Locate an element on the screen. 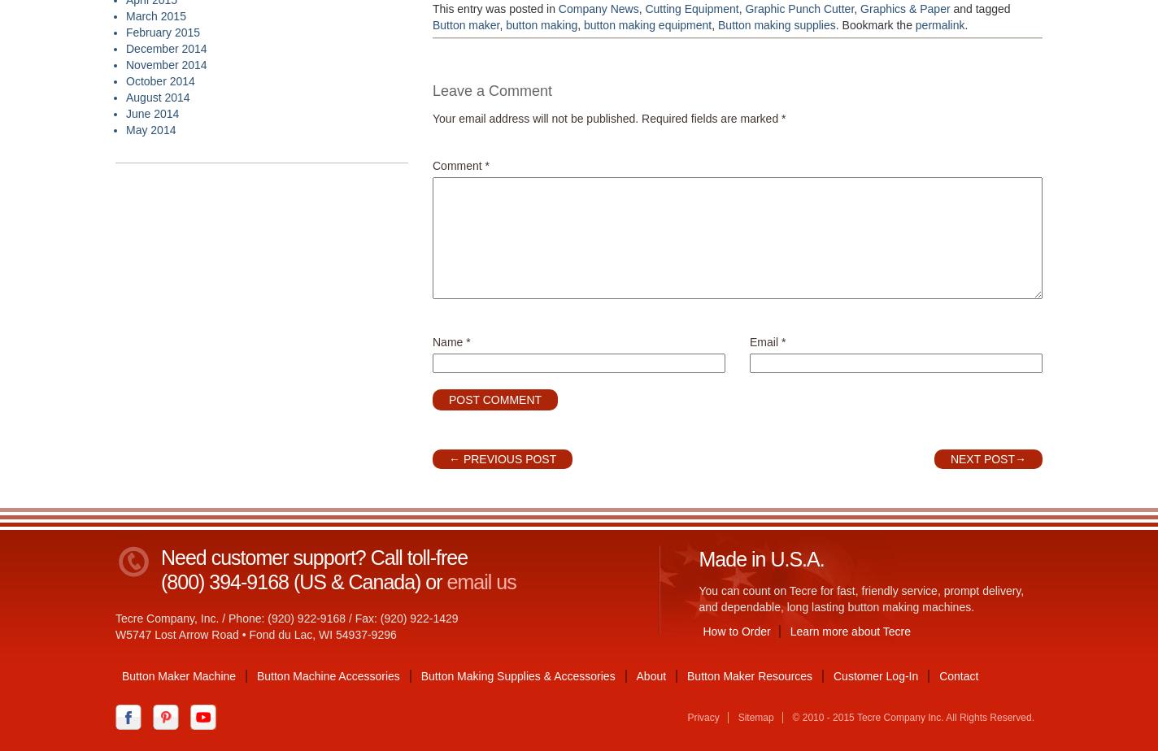 This screenshot has width=1158, height=751. 'Need customer support? Call toll-free' is located at coordinates (314, 557).